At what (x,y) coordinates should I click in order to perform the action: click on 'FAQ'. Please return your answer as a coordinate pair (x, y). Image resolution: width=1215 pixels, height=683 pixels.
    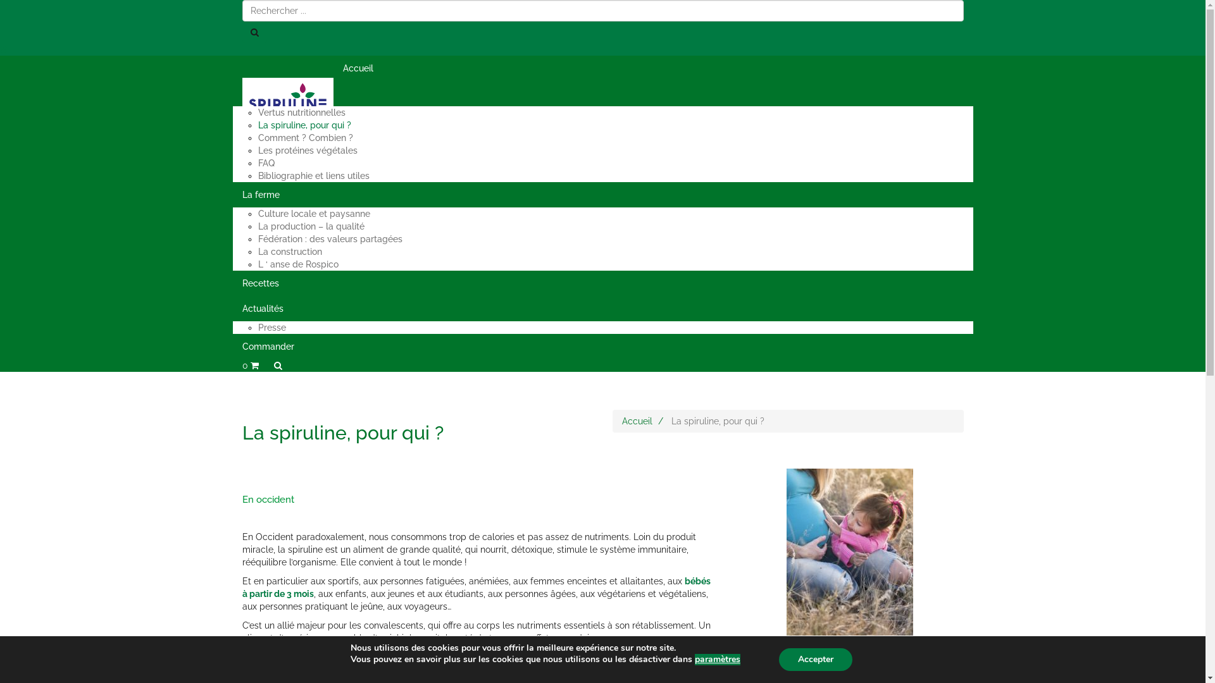
    Looking at the image, I should click on (266, 163).